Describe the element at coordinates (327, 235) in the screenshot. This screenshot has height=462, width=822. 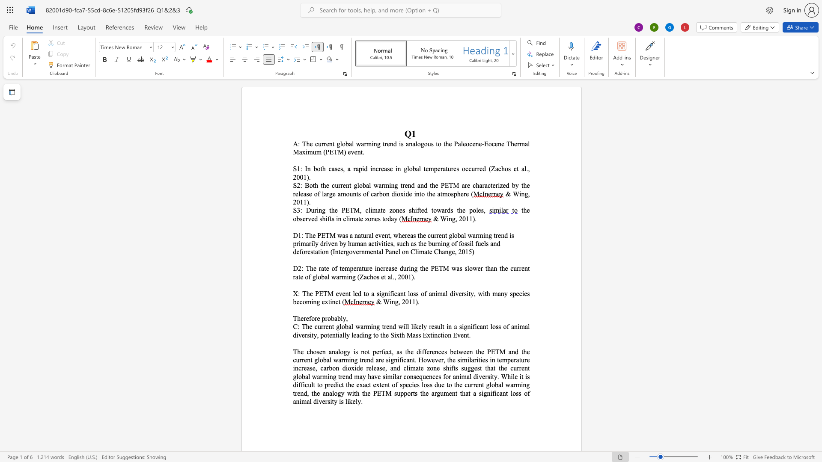
I see `the 2th character "T" in the text` at that location.